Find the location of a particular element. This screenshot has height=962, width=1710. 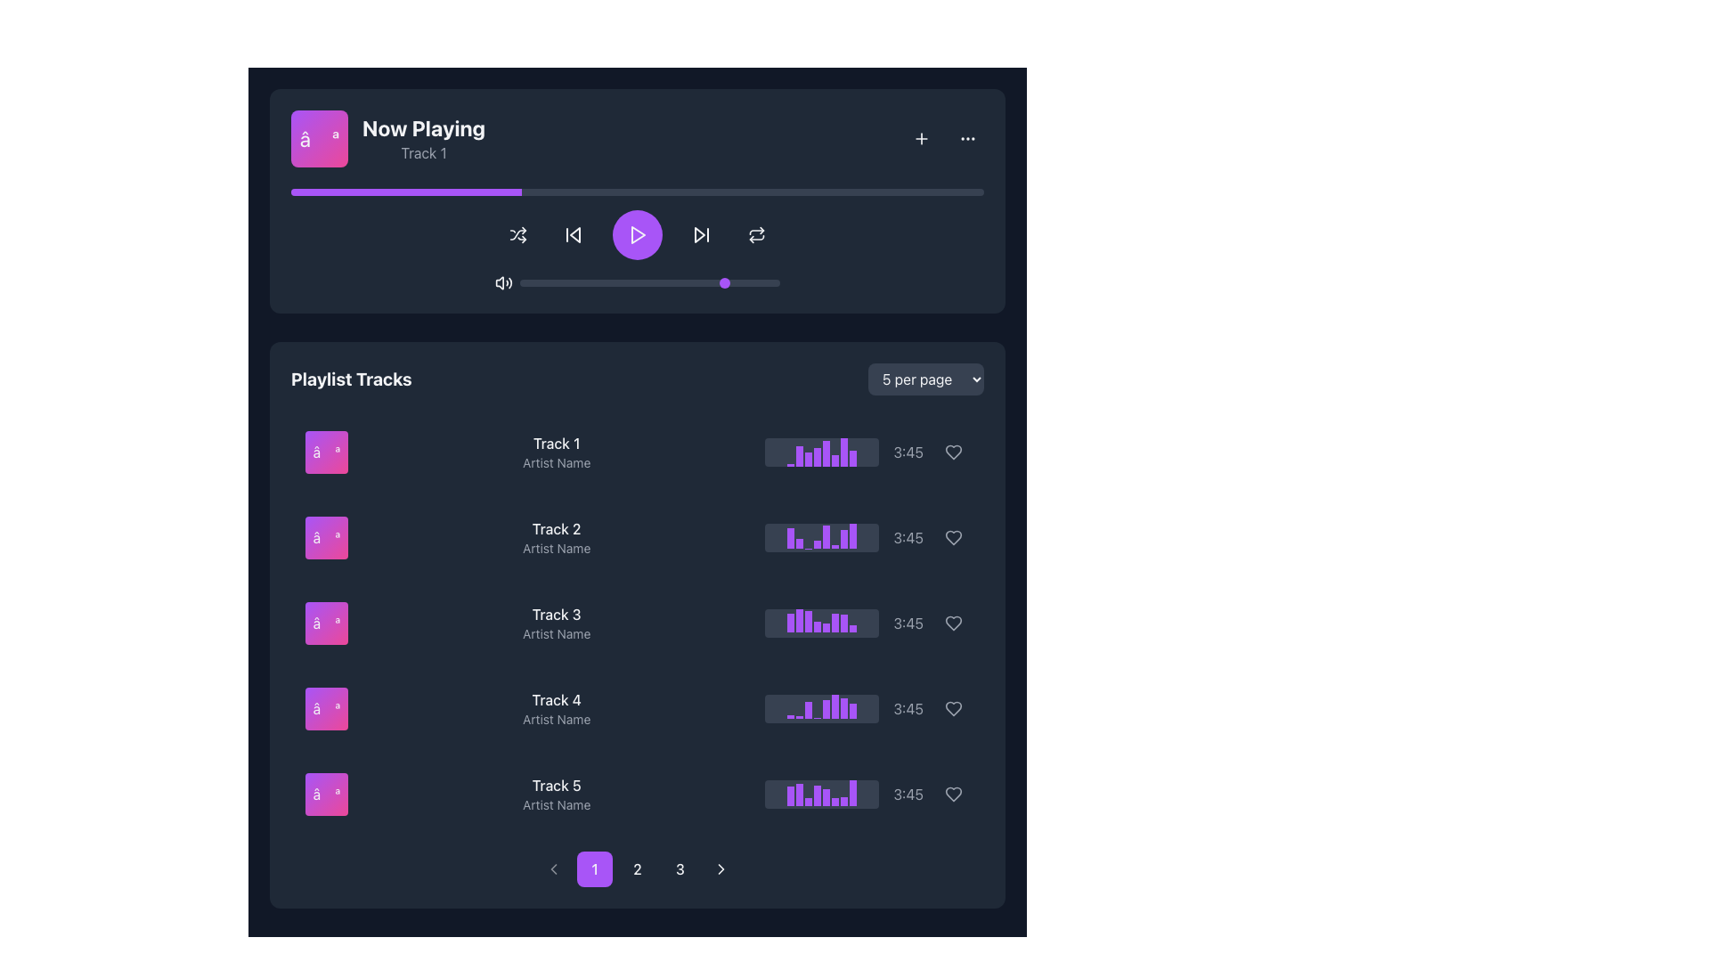

the musical note icon which is centrally placed within the purple gradient square icon for track 4 in the 'Playlist Tracks' section is located at coordinates (326, 707).